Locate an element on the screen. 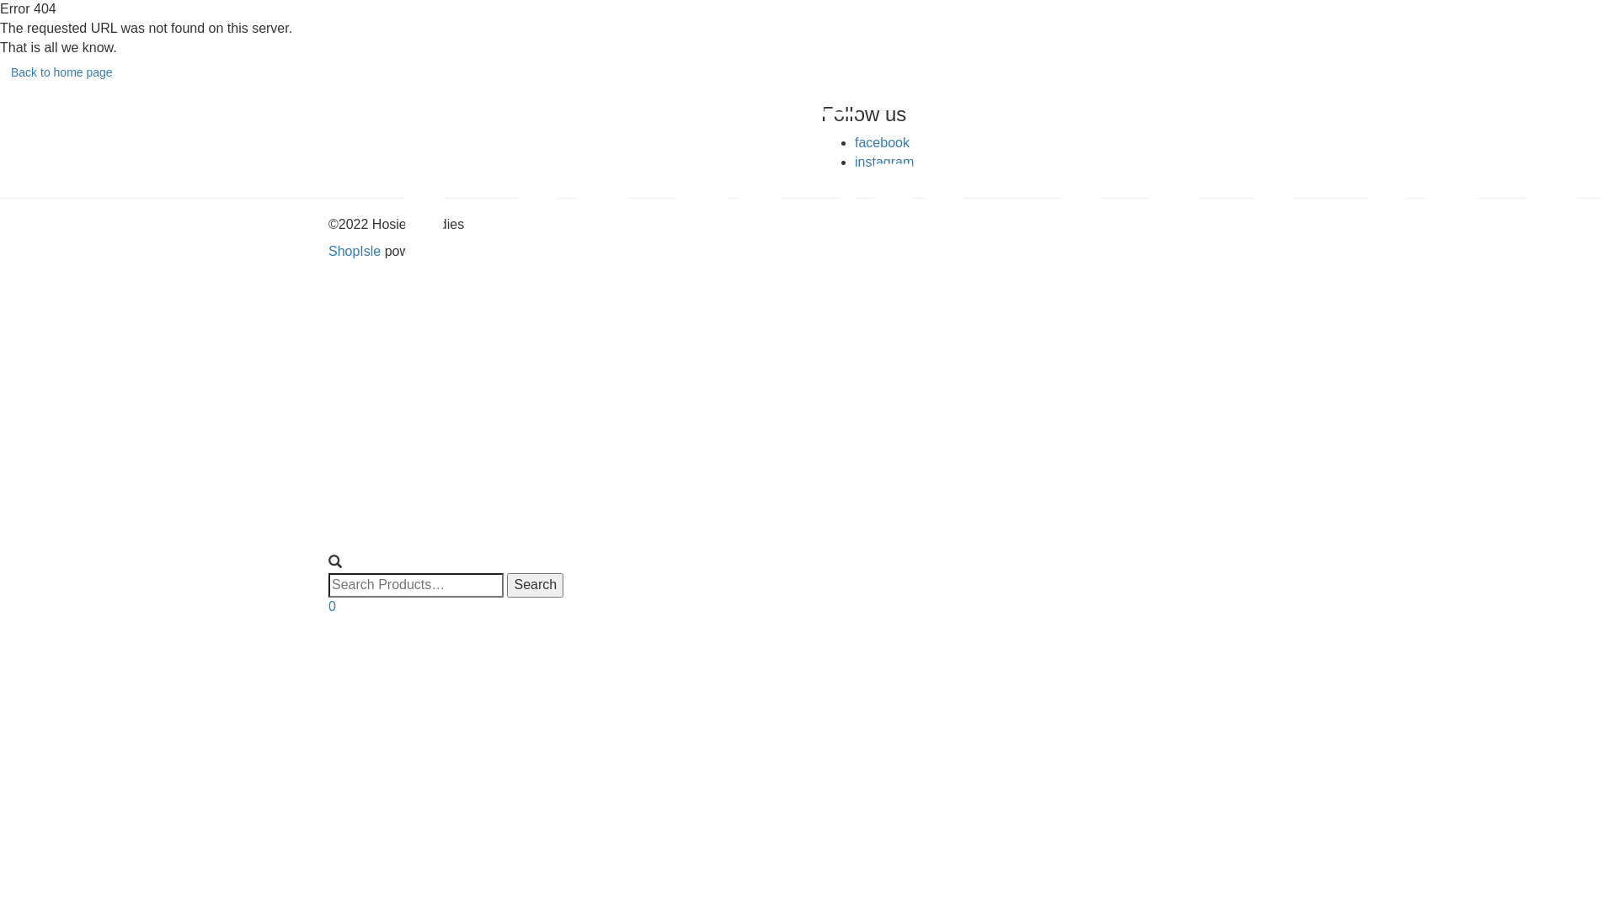 The image size is (1617, 909). 'ShopIsle' is located at coordinates (355, 251).